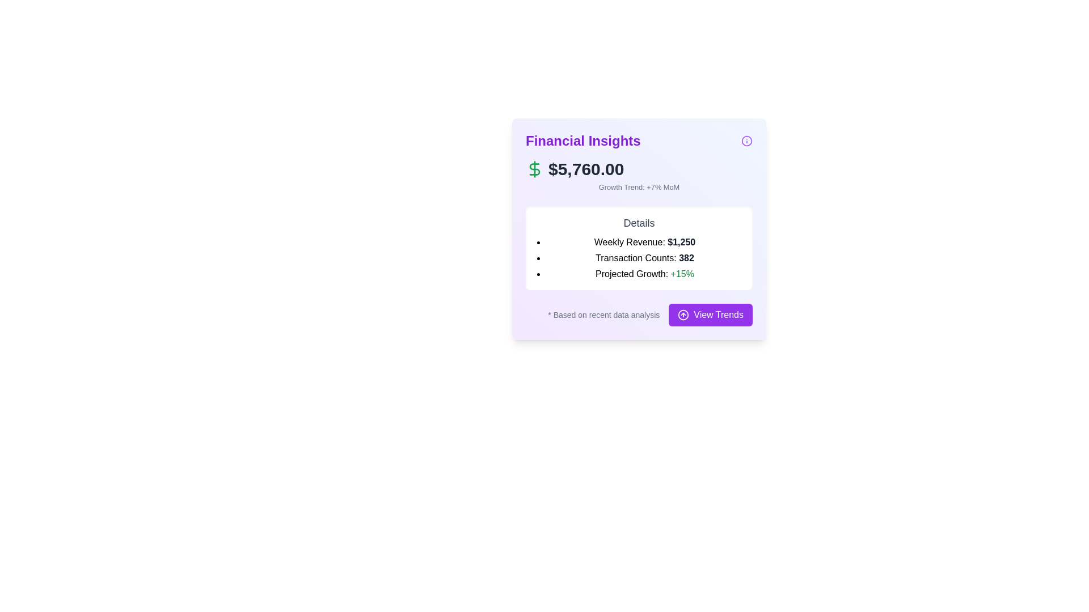 The image size is (1089, 612). Describe the element at coordinates (645, 242) in the screenshot. I see `the first bullet point in the 'Details' section of the 'Financial Insights' card displaying 'Weekly Revenue: $1,250'` at that location.